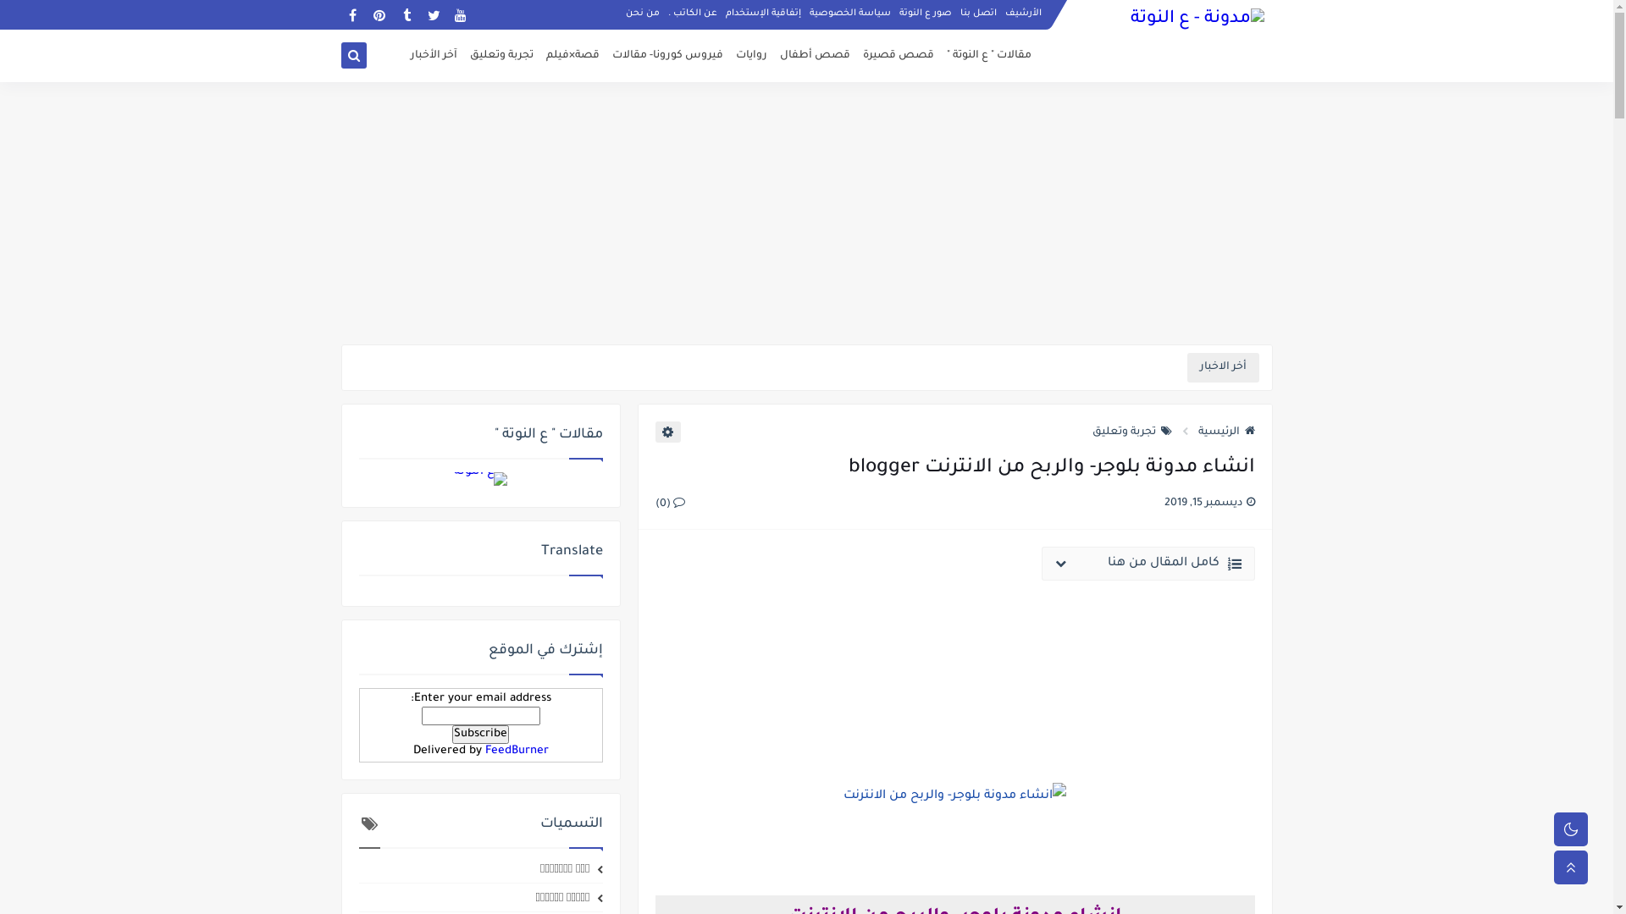 The width and height of the screenshot is (1626, 914). Describe the element at coordinates (460, 14) in the screenshot. I see `'youtube'` at that location.